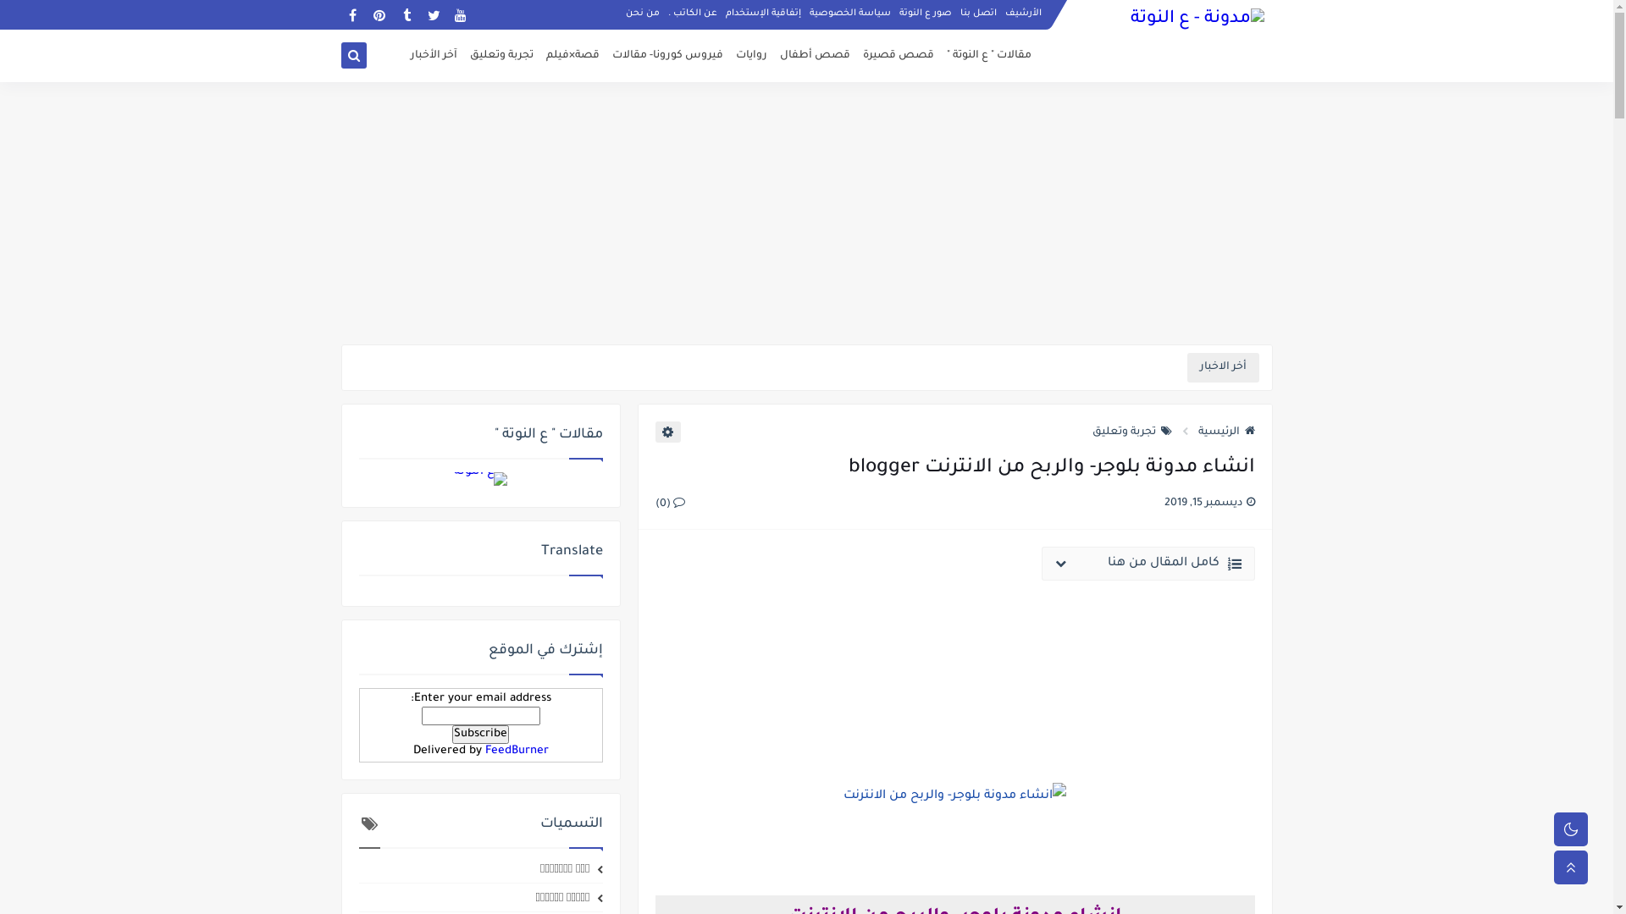 The width and height of the screenshot is (1626, 914). Describe the element at coordinates (460, 14) in the screenshot. I see `'youtube'` at that location.